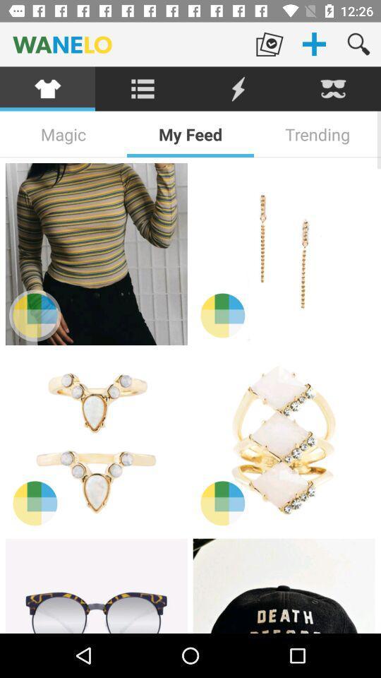 The image size is (381, 678). Describe the element at coordinates (143, 88) in the screenshot. I see `icon below wanelo icon` at that location.